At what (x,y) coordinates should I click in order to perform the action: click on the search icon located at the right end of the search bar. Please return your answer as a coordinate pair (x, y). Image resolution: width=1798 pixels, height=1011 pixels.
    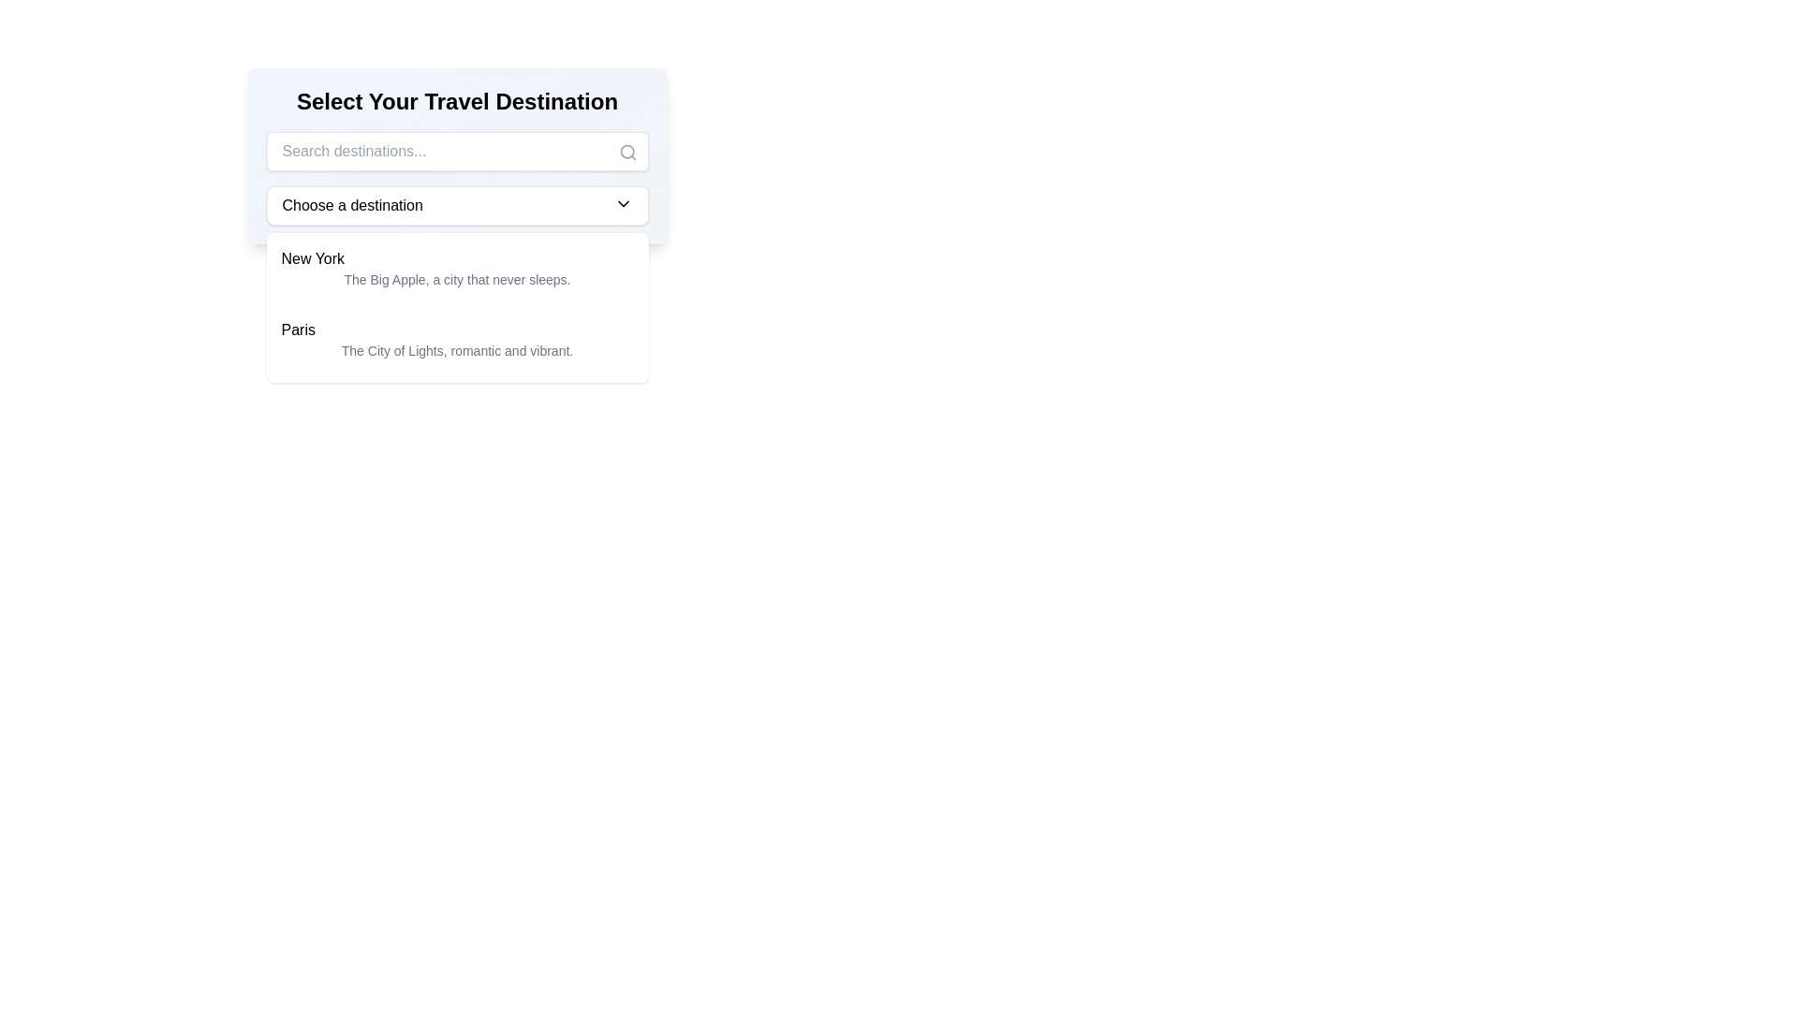
    Looking at the image, I should click on (627, 151).